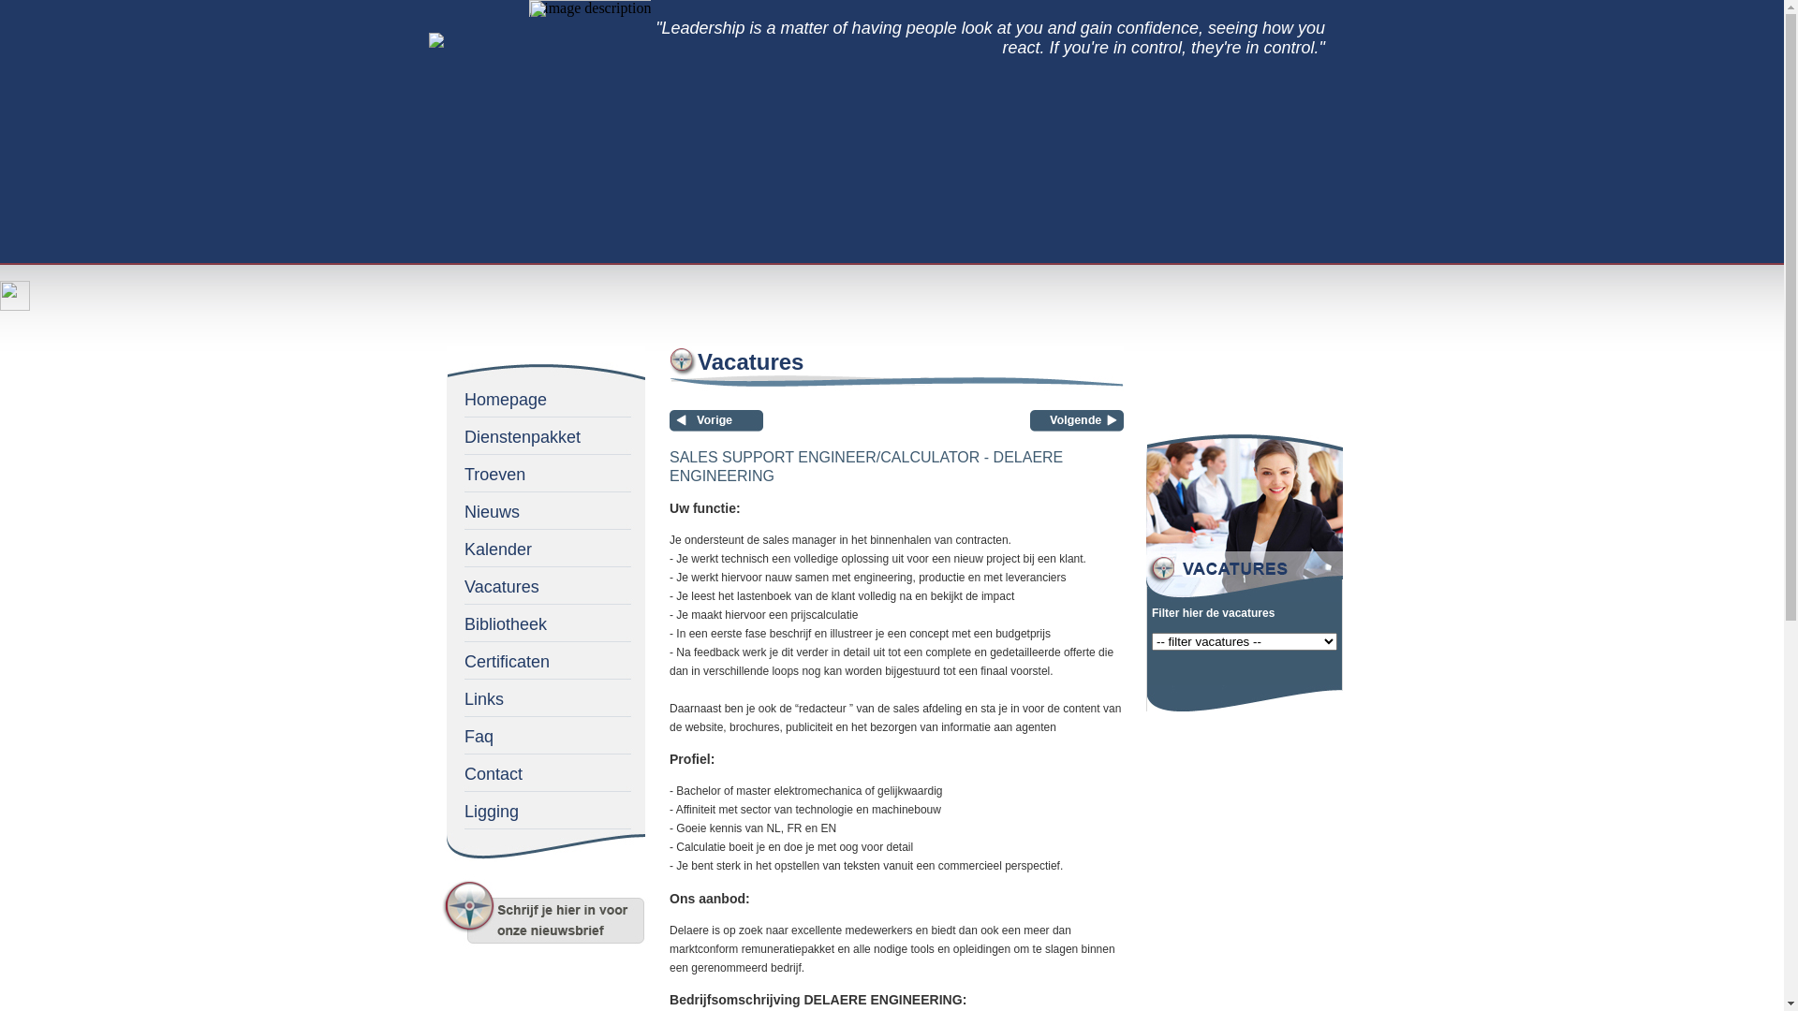  What do you see at coordinates (445, 806) in the screenshot?
I see `'Ligging'` at bounding box center [445, 806].